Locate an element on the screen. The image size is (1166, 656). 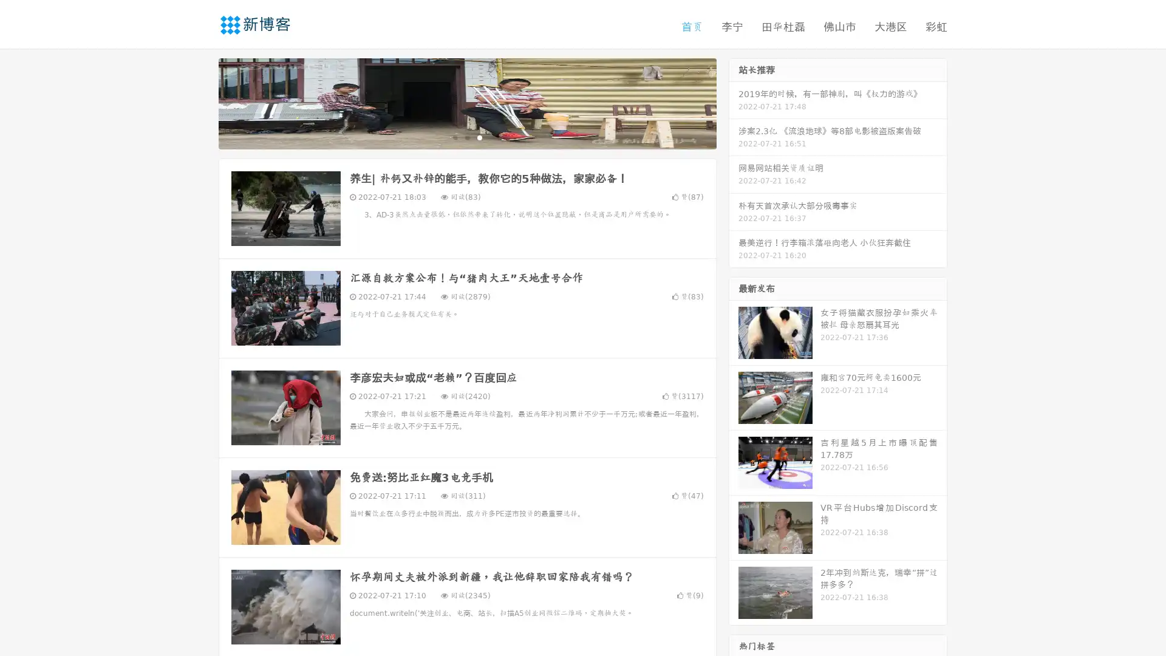
Go to slide 1 is located at coordinates (454, 137).